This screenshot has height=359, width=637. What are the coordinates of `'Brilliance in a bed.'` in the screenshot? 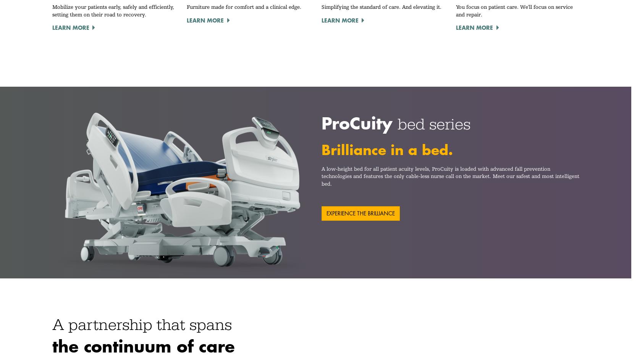 It's located at (386, 149).